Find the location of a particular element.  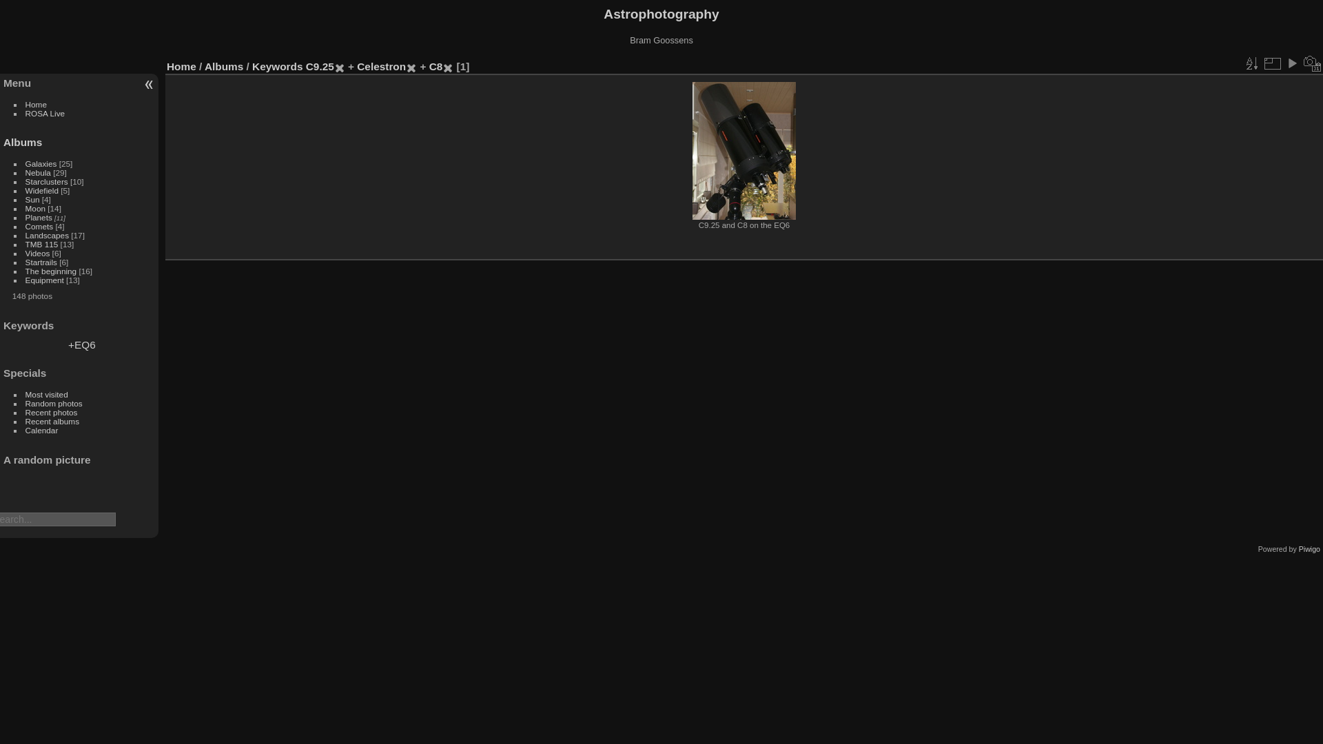

'Photo sizes' is located at coordinates (1271, 63).